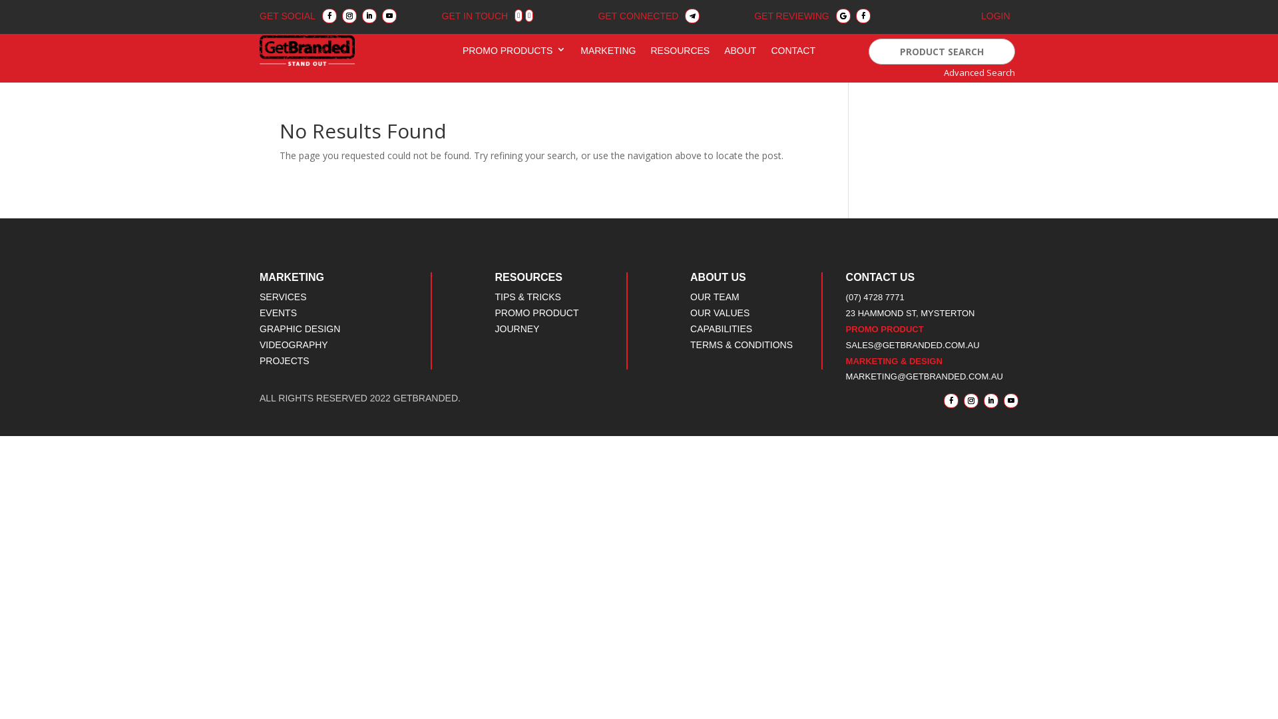 This screenshot has height=719, width=1278. I want to click on 'JOURNEY', so click(495, 328).